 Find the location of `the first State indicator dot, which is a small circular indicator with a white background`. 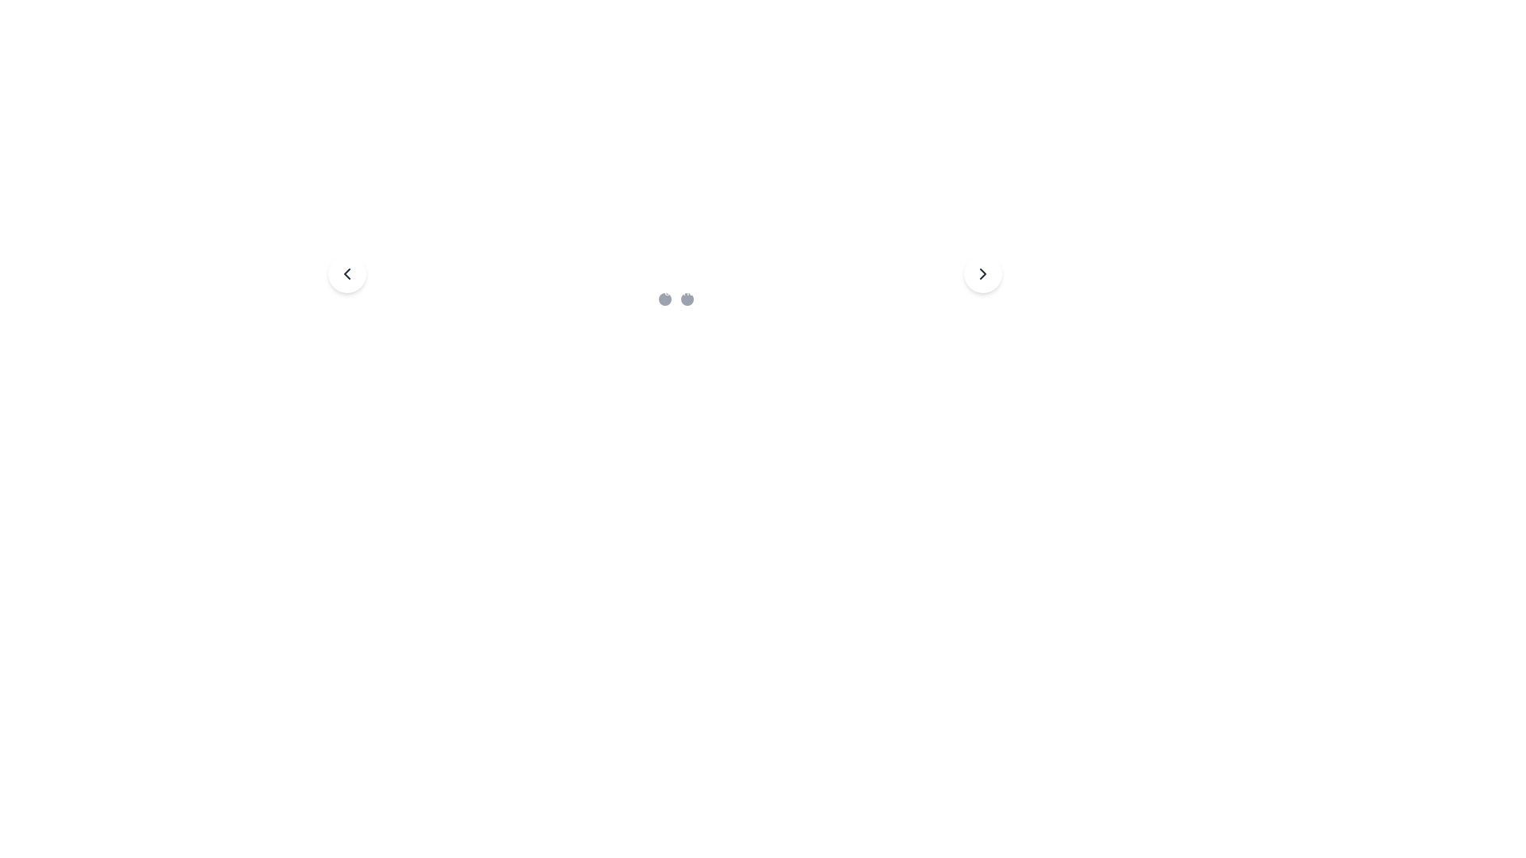

the first State indicator dot, which is a small circular indicator with a white background is located at coordinates (642, 300).